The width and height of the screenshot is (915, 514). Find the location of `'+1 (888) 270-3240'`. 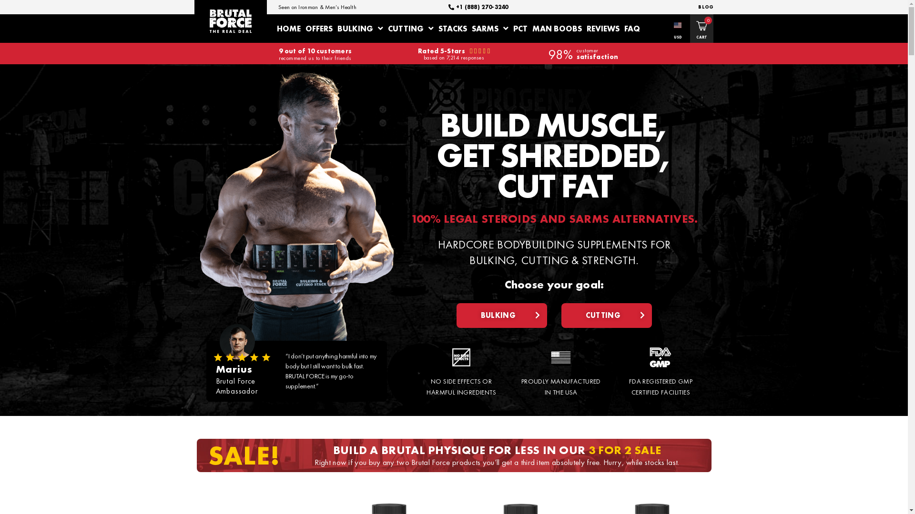

'+1 (888) 270-3240' is located at coordinates (447, 7).